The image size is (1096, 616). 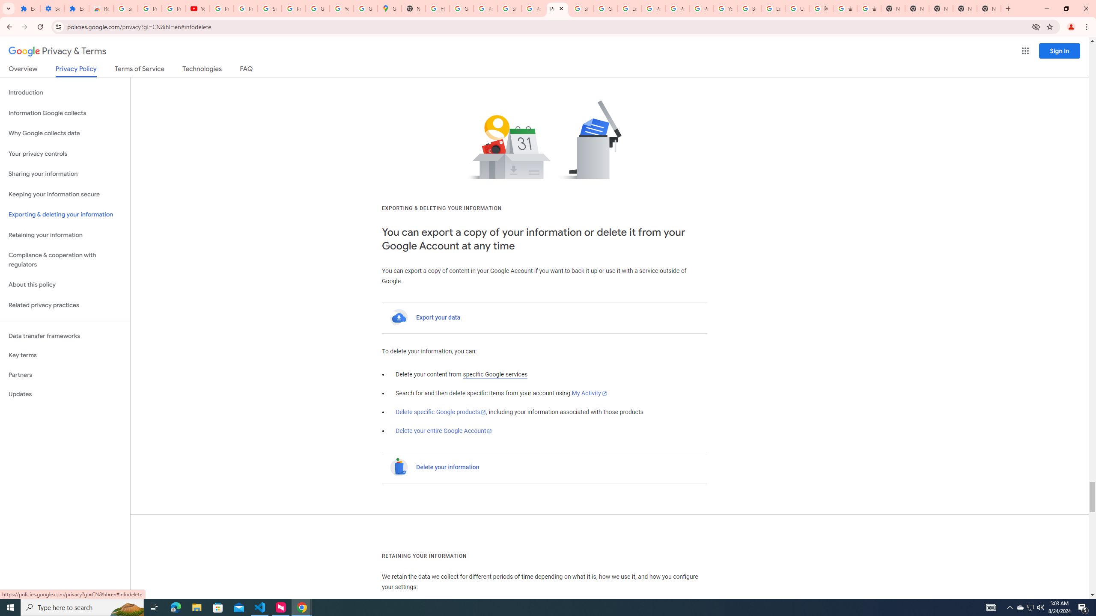 What do you see at coordinates (65, 195) in the screenshot?
I see `'Keeping your information secure'` at bounding box center [65, 195].